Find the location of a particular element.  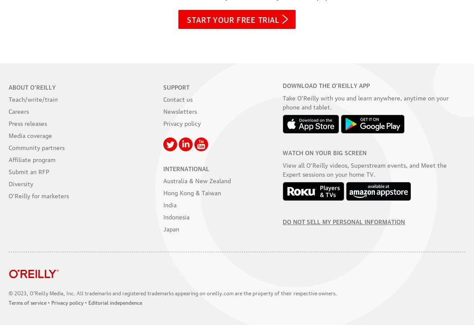

'Editorial independence' is located at coordinates (115, 301).